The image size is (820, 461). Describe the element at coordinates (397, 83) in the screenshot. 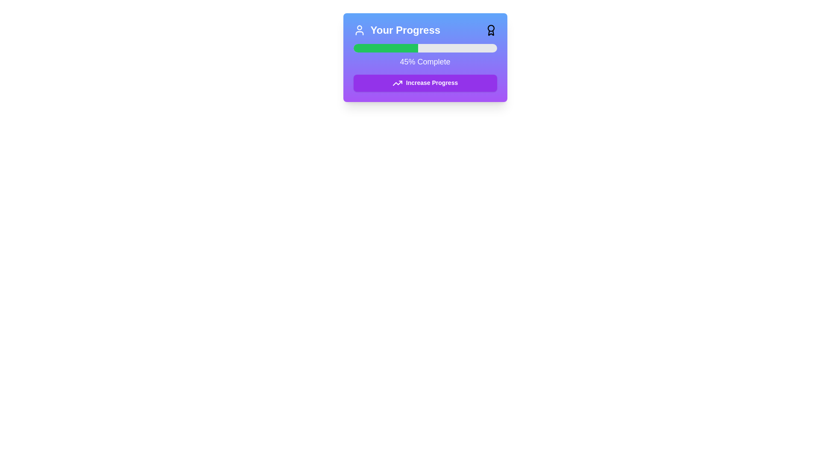

I see `the 'Increase Progress' button which contains the decorative arrow icon on its left side, visually indicating progression` at that location.